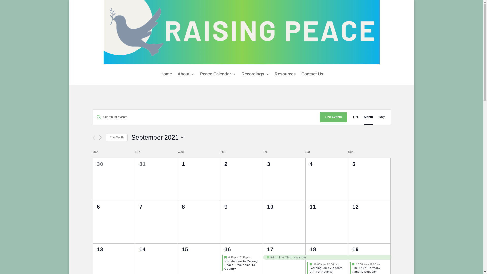 The height and width of the screenshot is (274, 487). What do you see at coordinates (312, 74) in the screenshot?
I see `'Contact Us'` at bounding box center [312, 74].